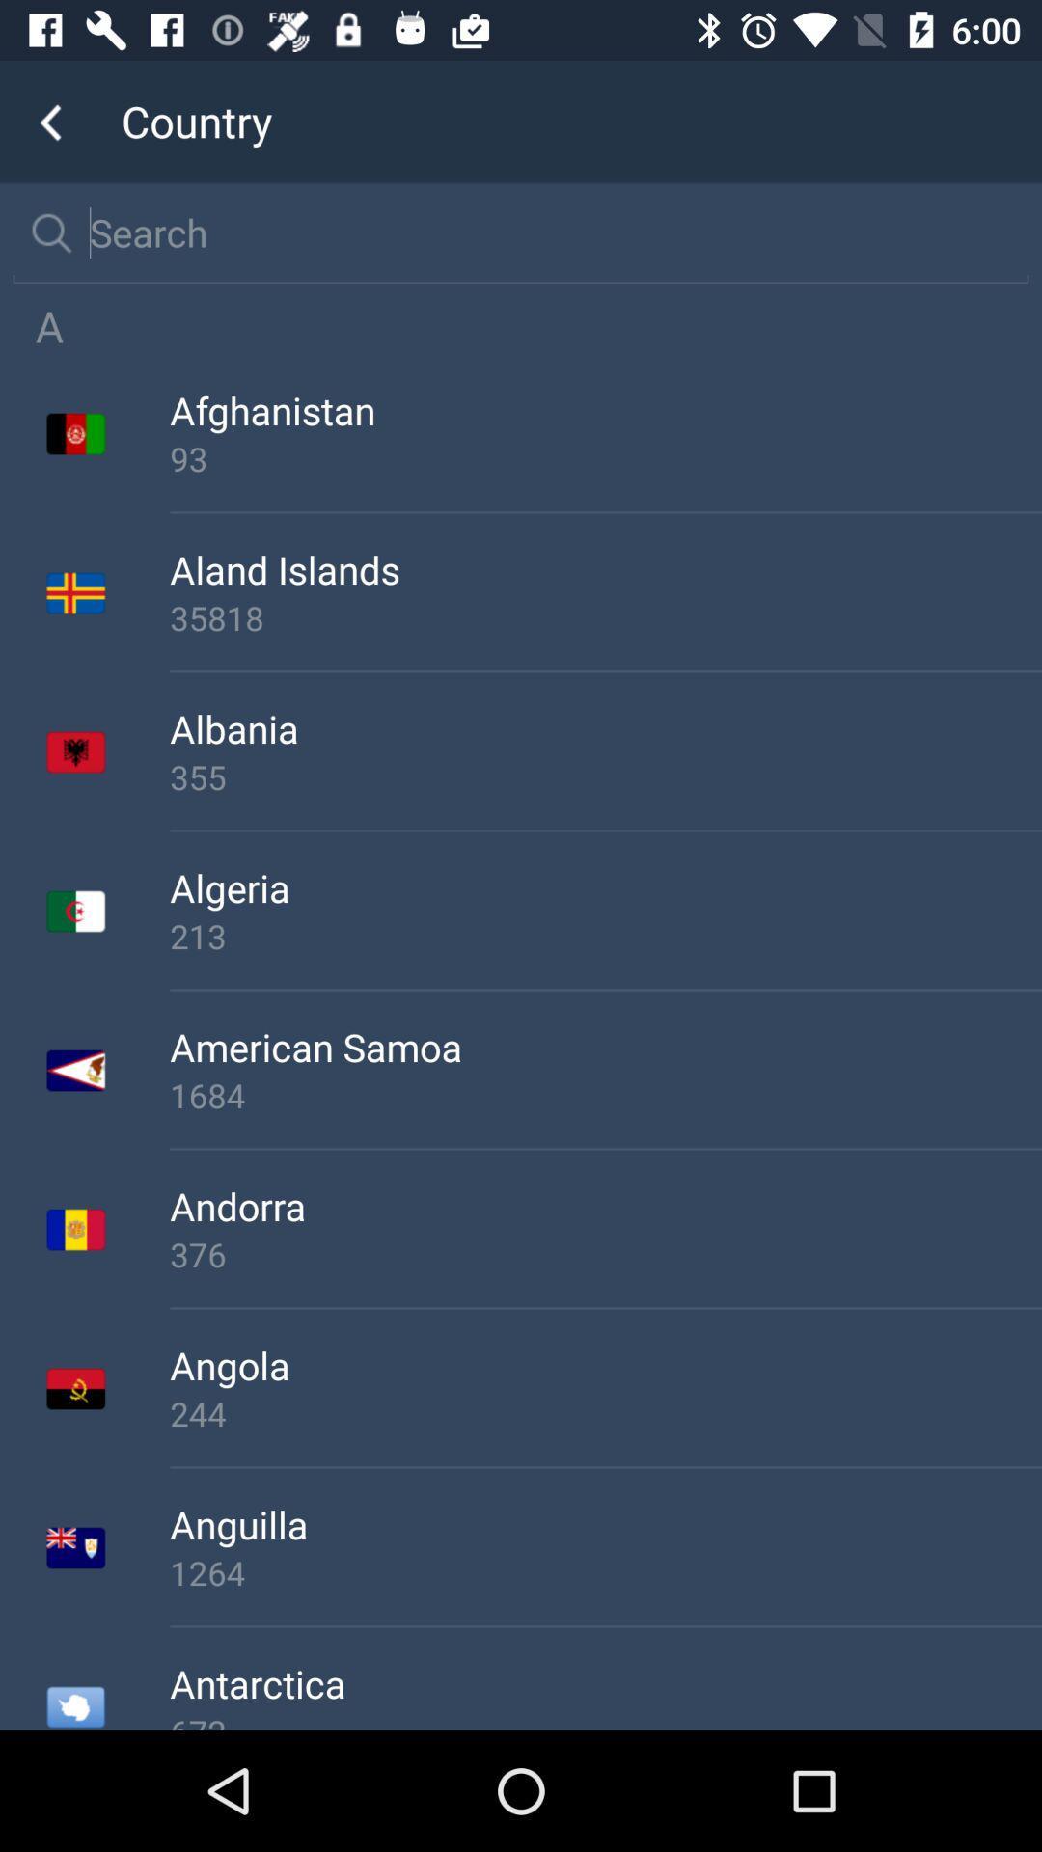 This screenshot has width=1042, height=1852. Describe the element at coordinates (605, 1720) in the screenshot. I see `672 app` at that location.